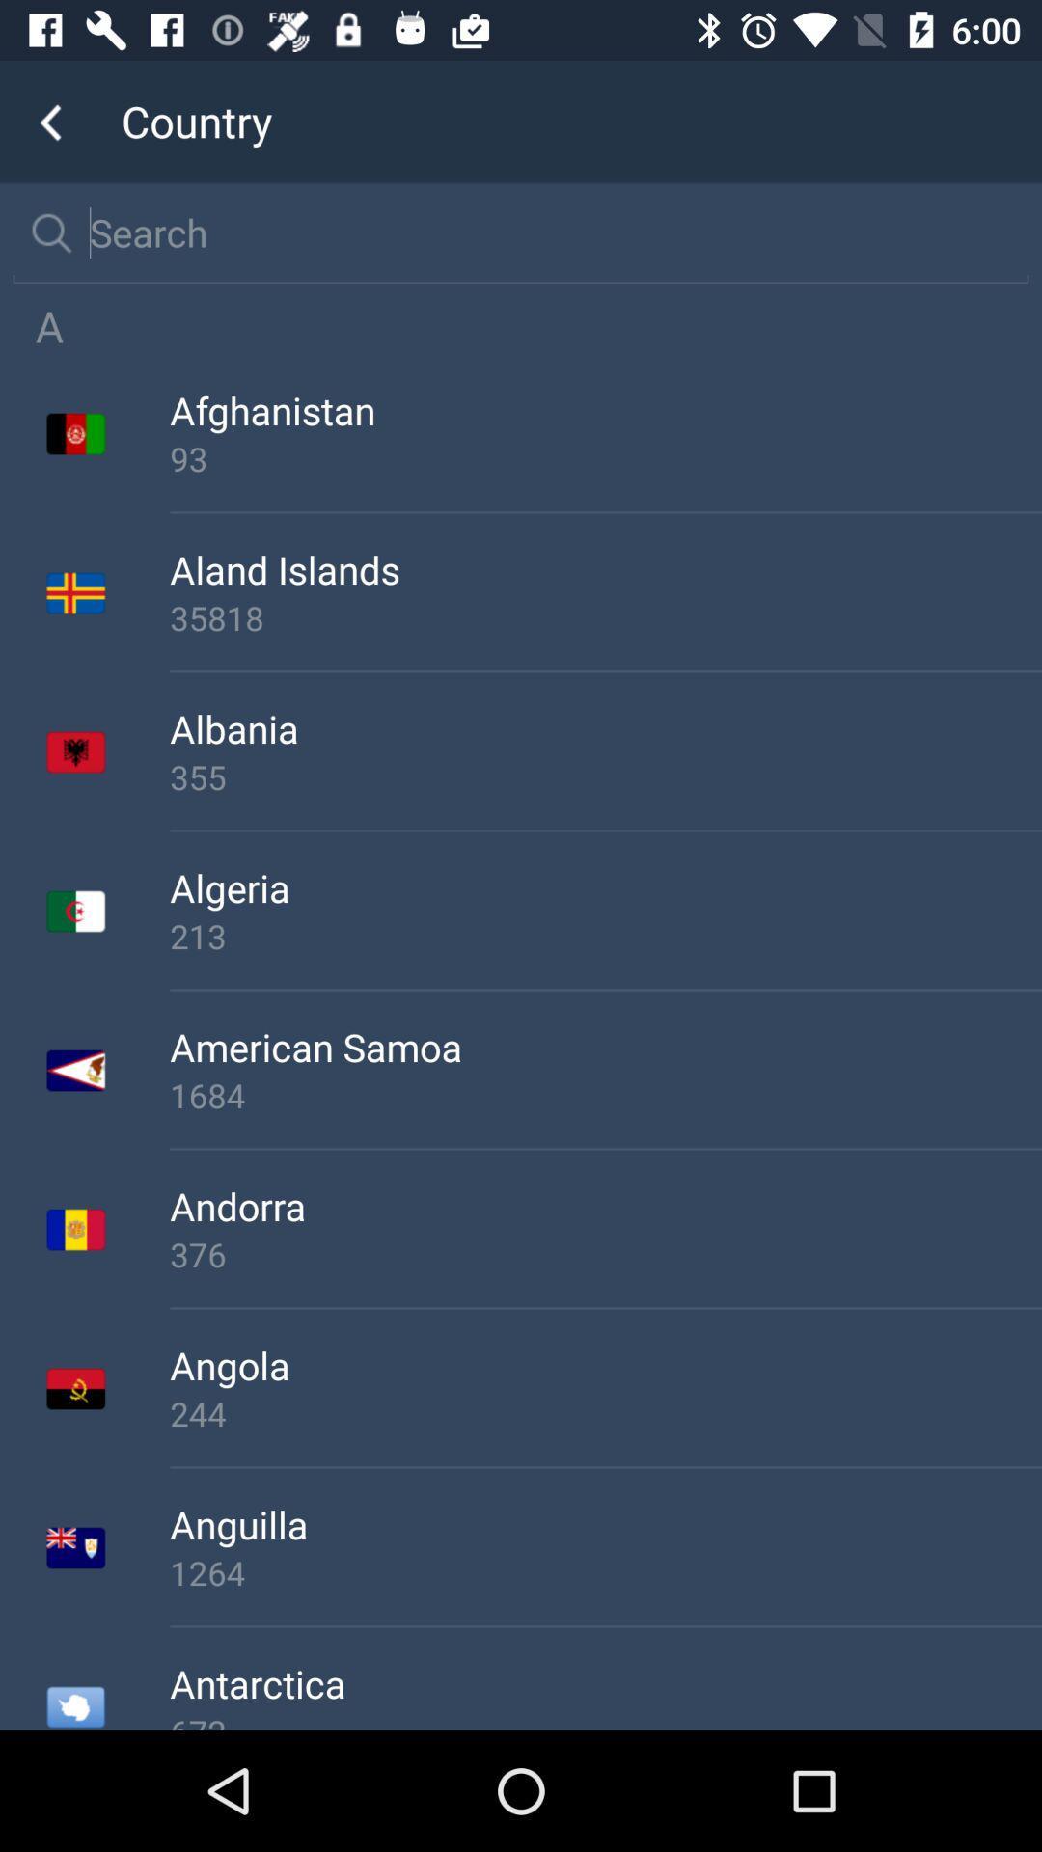 This screenshot has width=1042, height=1852. Describe the element at coordinates (605, 1720) in the screenshot. I see `672 app` at that location.